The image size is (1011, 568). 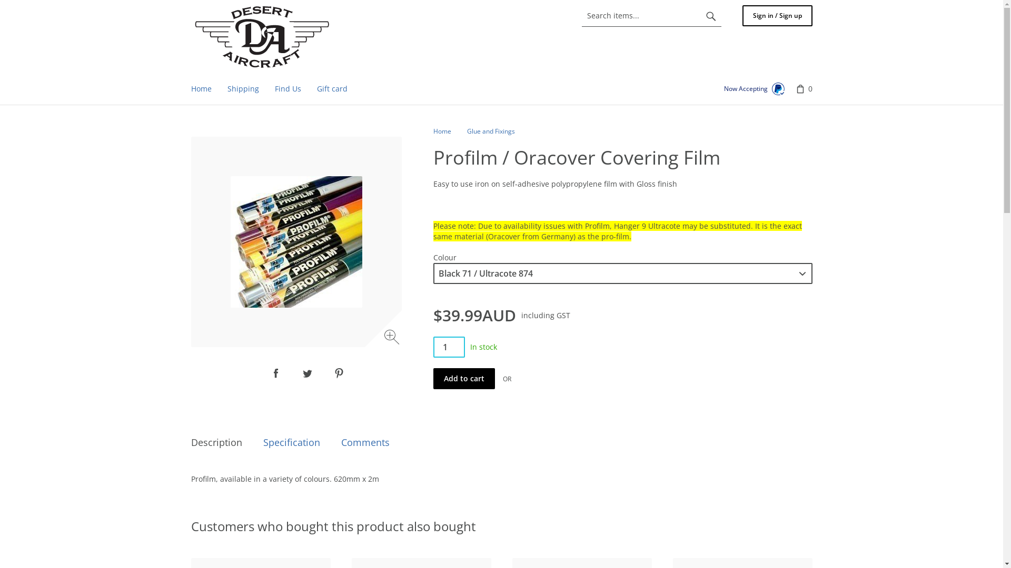 What do you see at coordinates (448, 347) in the screenshot?
I see `'Quantity'` at bounding box center [448, 347].